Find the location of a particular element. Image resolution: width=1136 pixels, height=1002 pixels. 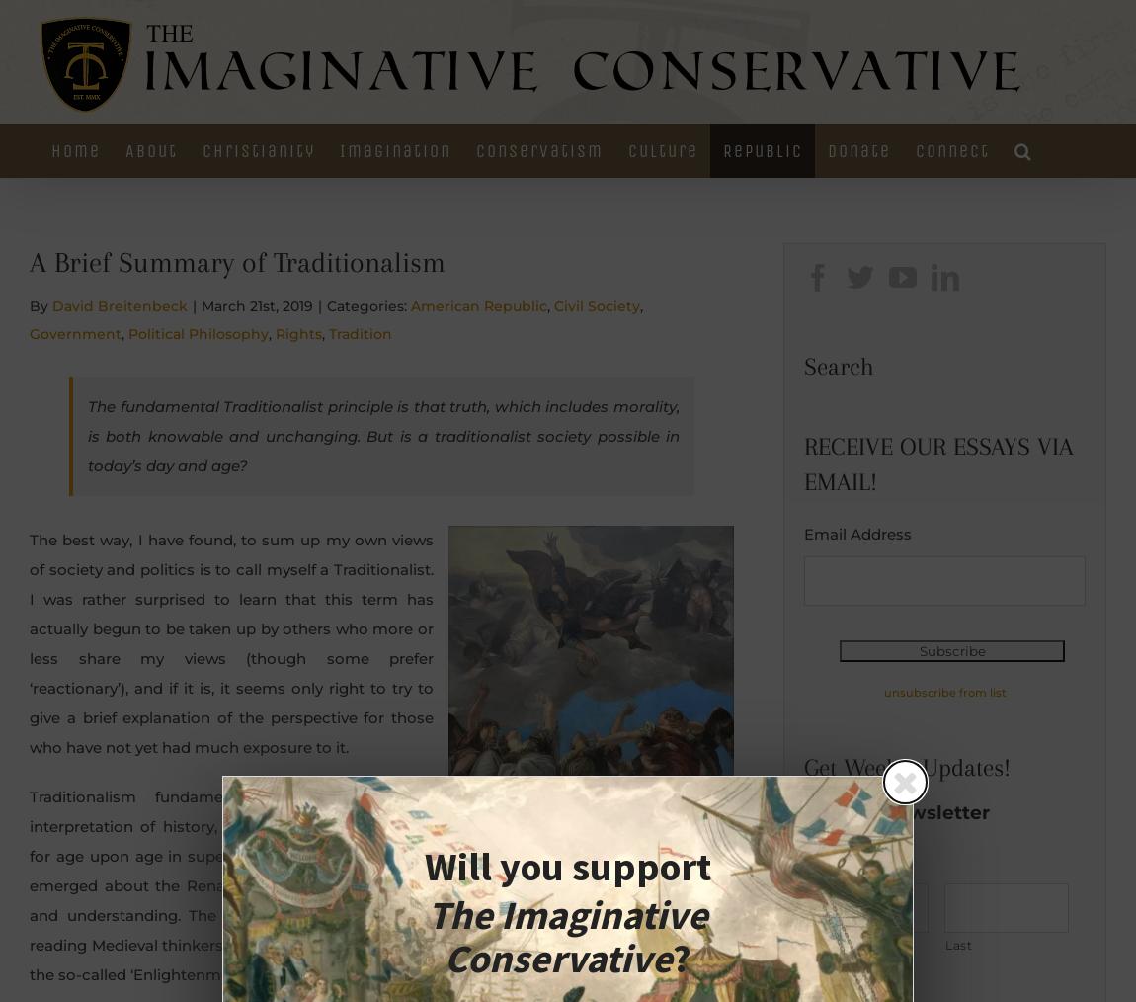

'Name' is located at coordinates (825, 856).